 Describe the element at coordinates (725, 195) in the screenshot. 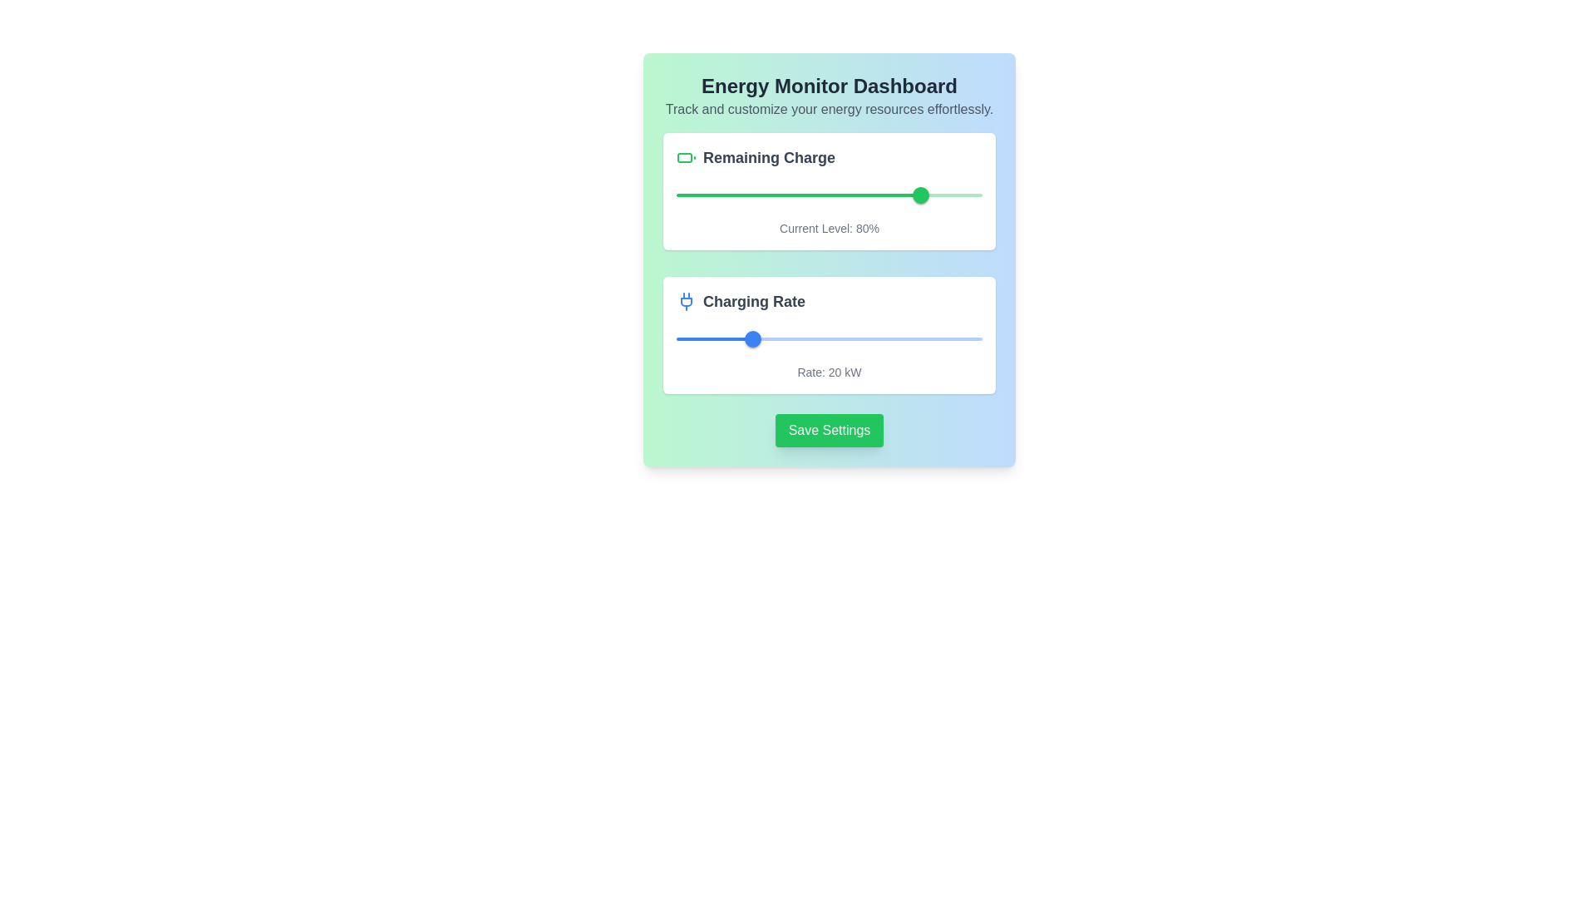

I see `slider value` at that location.